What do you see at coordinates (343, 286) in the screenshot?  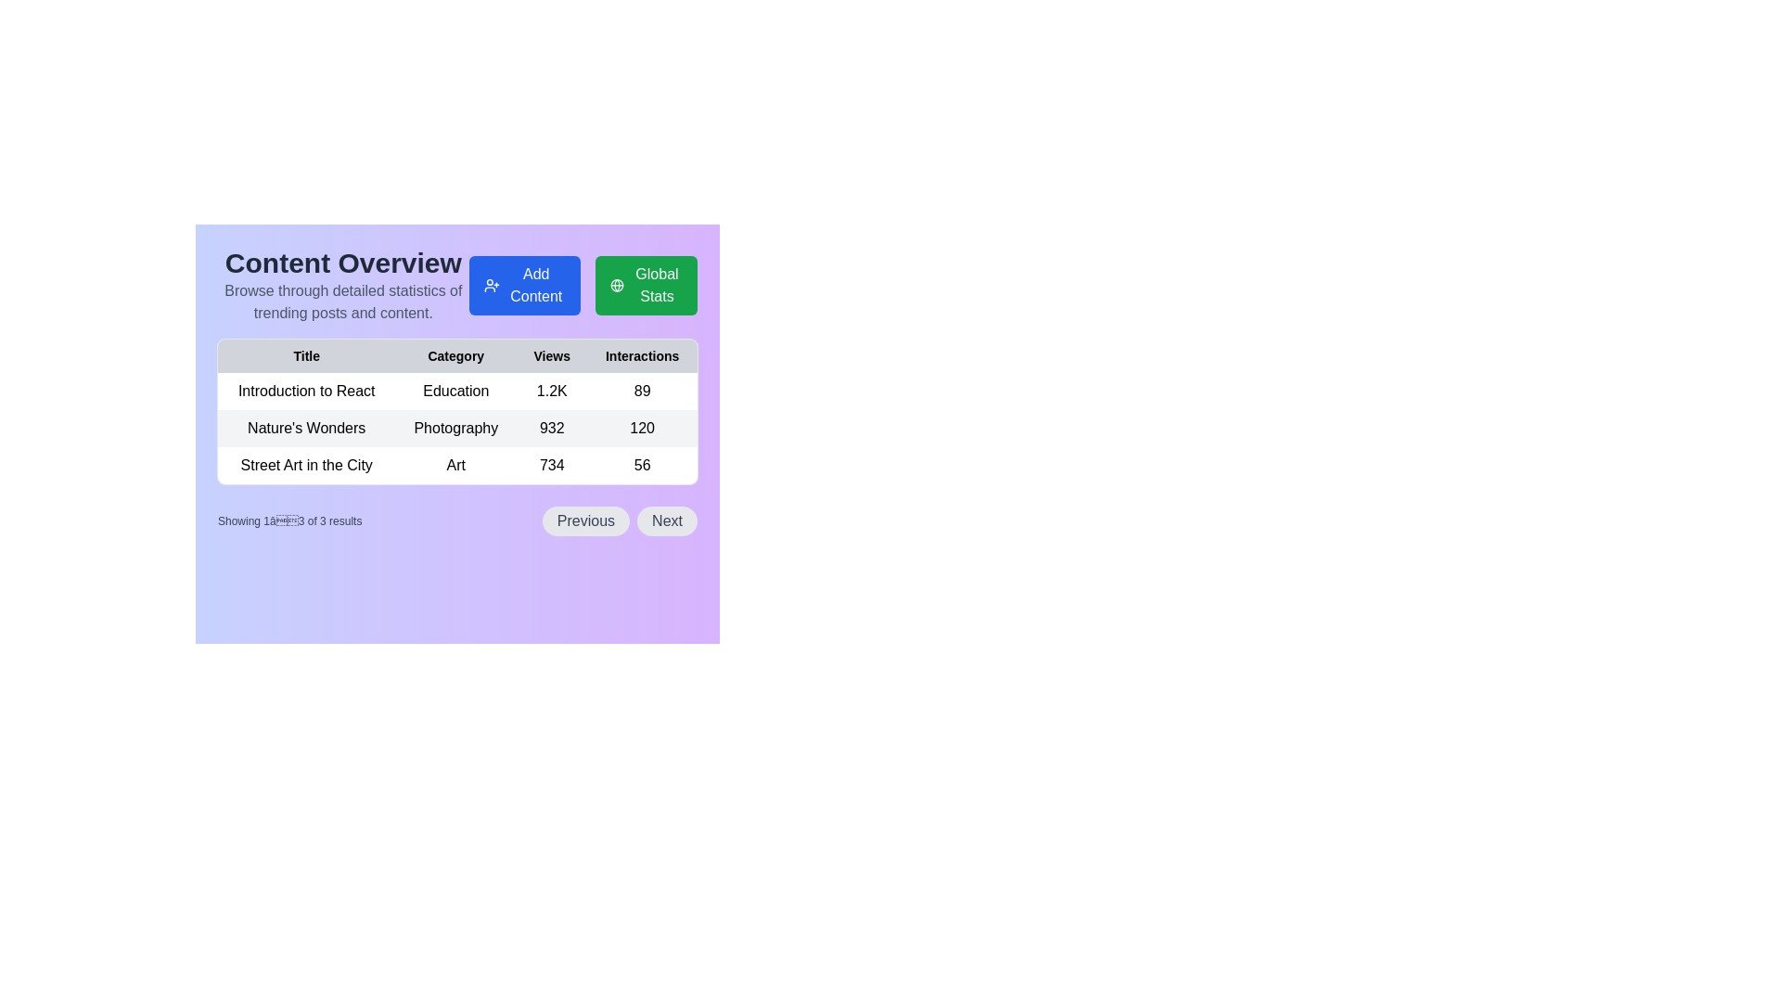 I see `the informational header element that provides a title and description for the content statistics page, located to the left of the 'Add Content' and 'Global Stats' buttons` at bounding box center [343, 286].